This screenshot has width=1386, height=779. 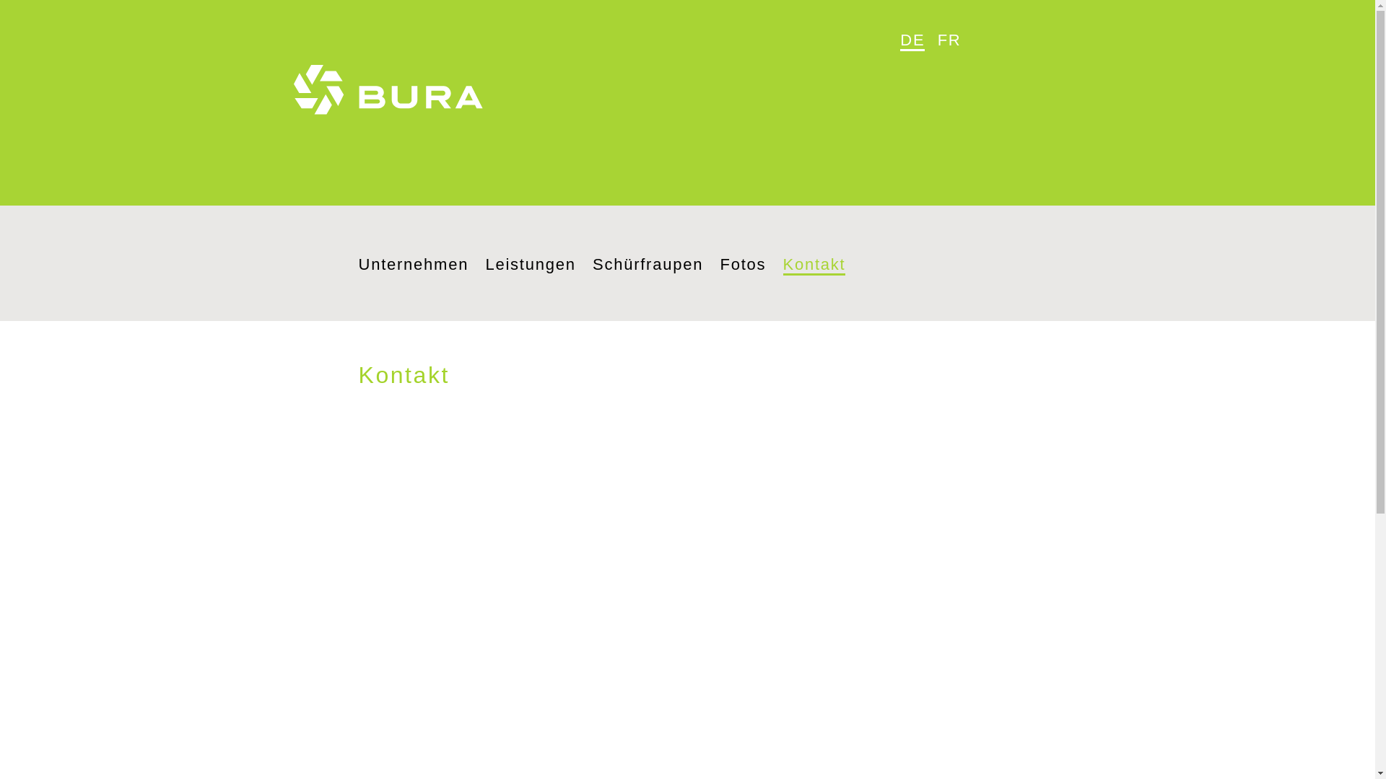 What do you see at coordinates (742, 264) in the screenshot?
I see `'Fotos'` at bounding box center [742, 264].